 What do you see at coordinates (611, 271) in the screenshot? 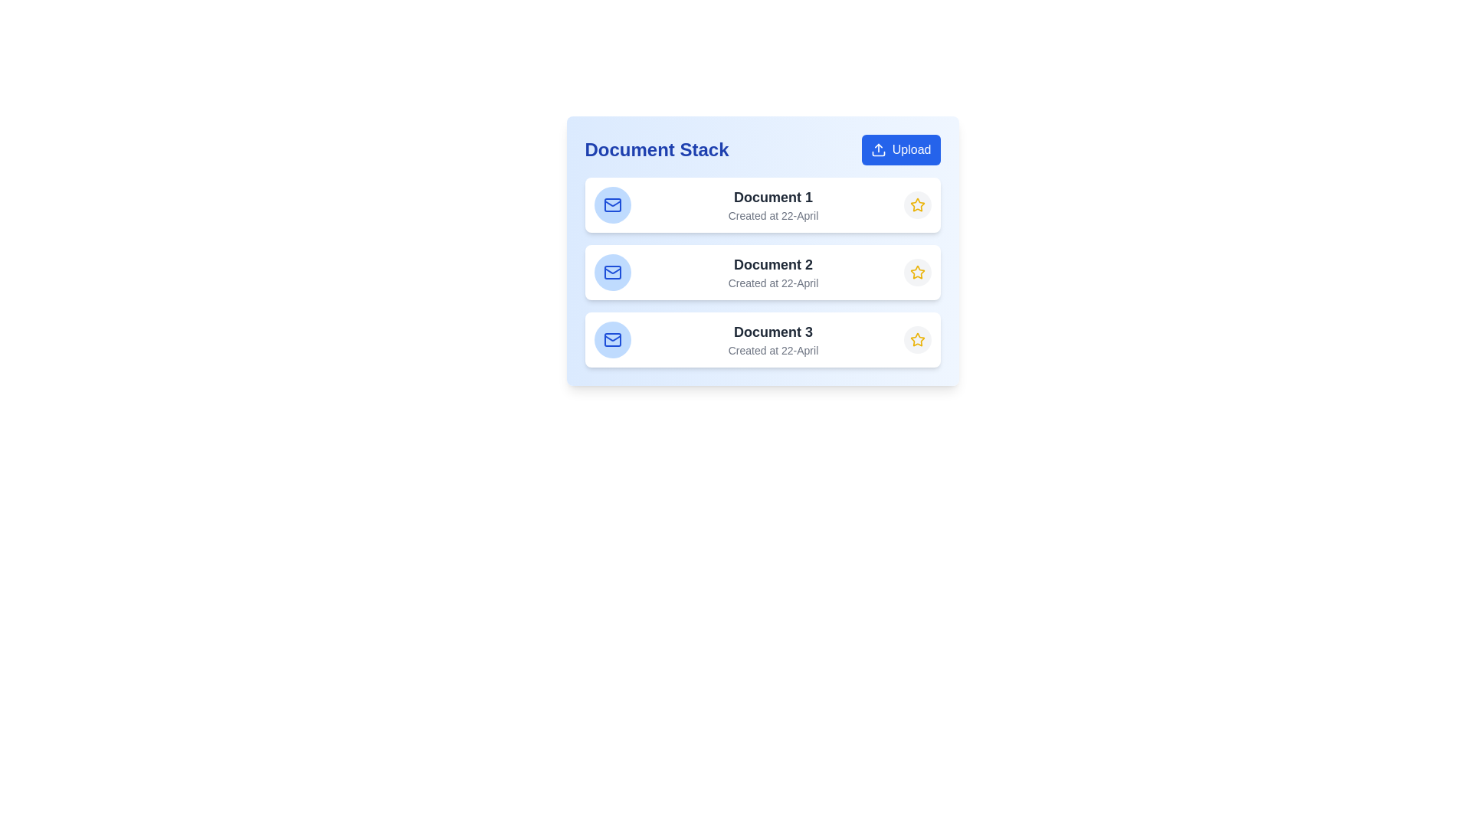
I see `the circular blue icon with a mail envelope symbol, located to the left of the text 'Document 2' in the second row of the list` at bounding box center [611, 271].